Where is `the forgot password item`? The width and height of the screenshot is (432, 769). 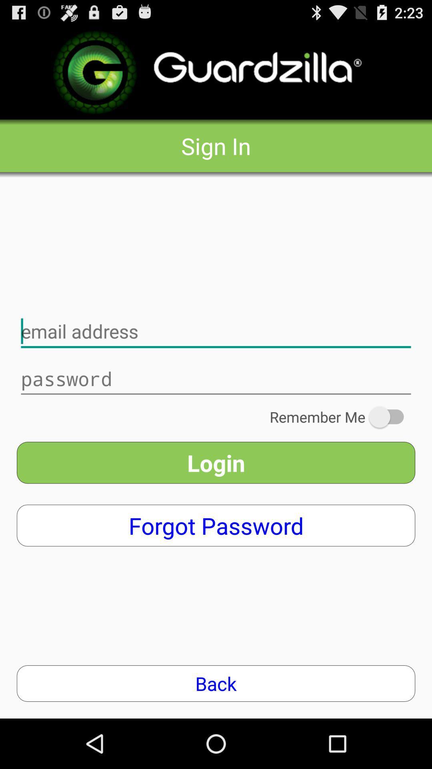
the forgot password item is located at coordinates (216, 525).